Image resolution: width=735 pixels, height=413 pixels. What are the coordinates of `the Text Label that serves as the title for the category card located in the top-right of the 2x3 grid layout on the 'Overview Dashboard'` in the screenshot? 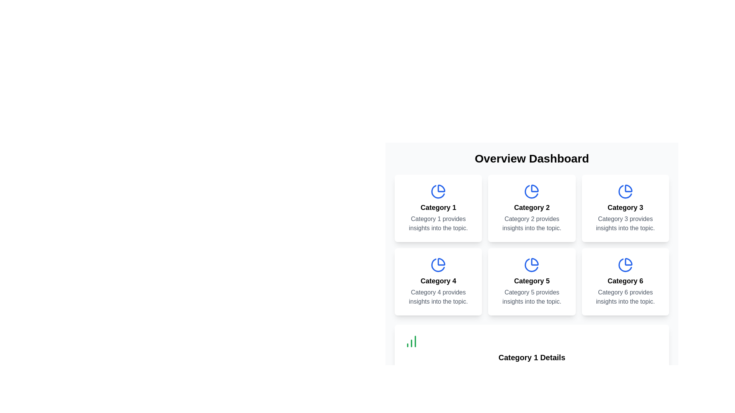 It's located at (625, 208).